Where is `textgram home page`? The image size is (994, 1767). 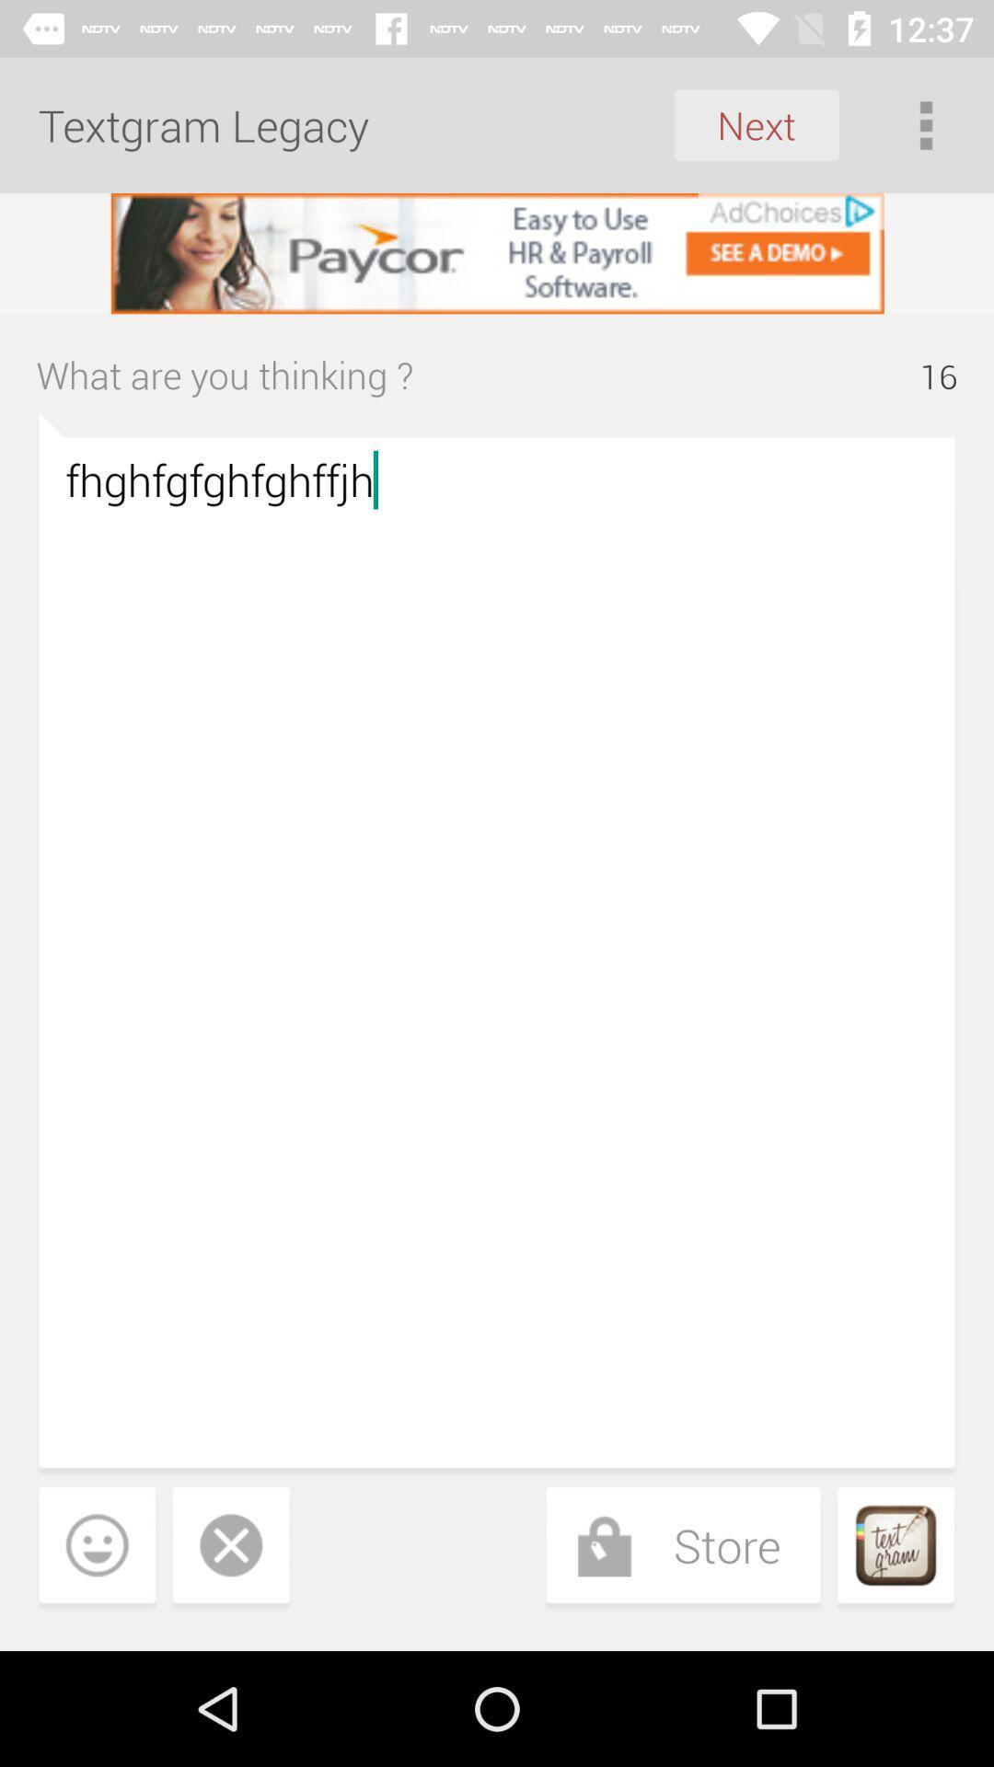
textgram home page is located at coordinates (895, 1548).